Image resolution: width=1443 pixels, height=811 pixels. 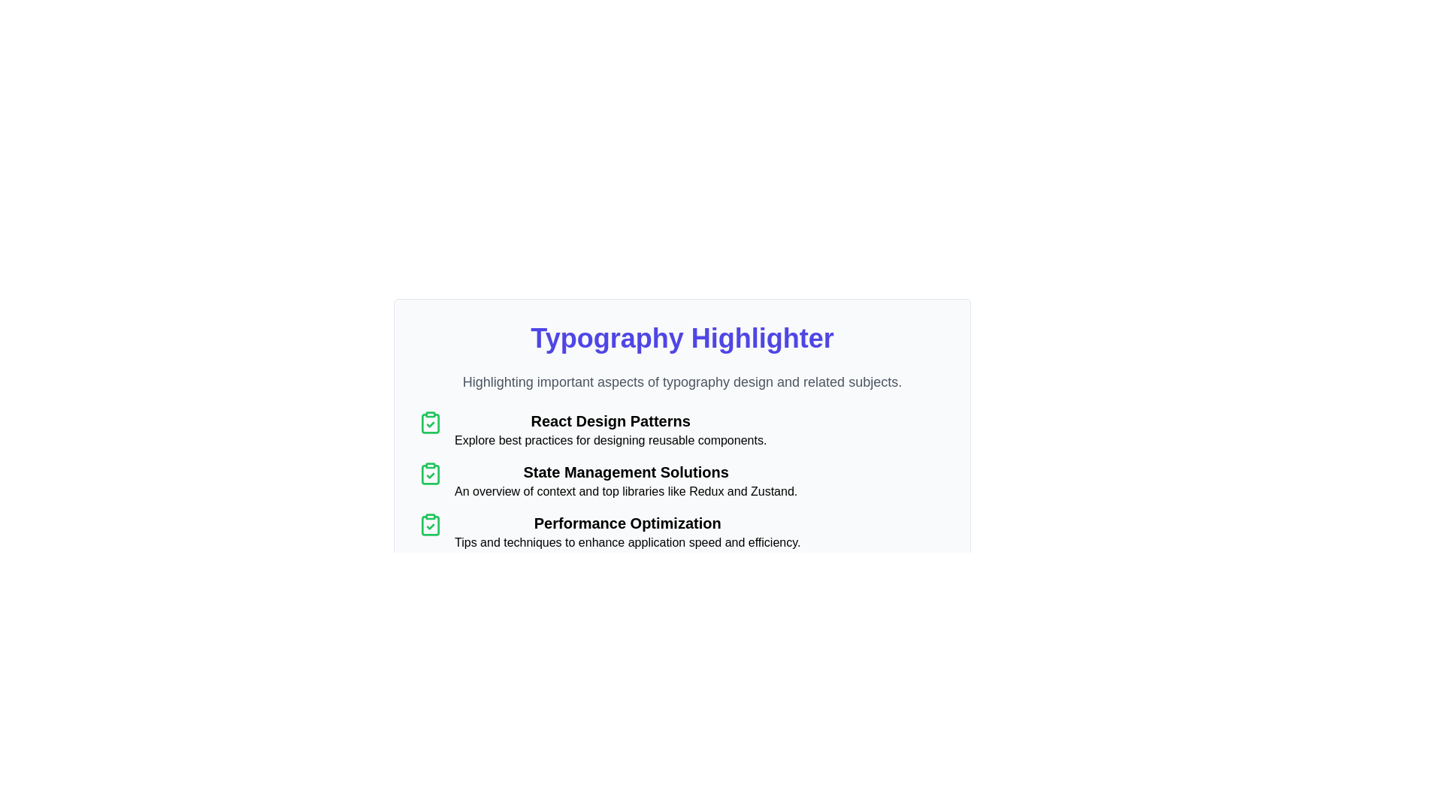 I want to click on the title 'React Design Patterns' in the text block, so click(x=610, y=430).